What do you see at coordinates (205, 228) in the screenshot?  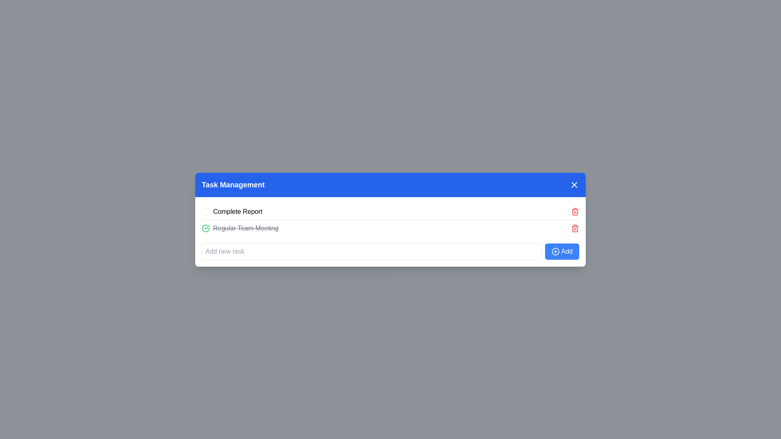 I see `the completion icon located to the left of the text 'Regular Team Meeting' in the task list, which is the second task row` at bounding box center [205, 228].